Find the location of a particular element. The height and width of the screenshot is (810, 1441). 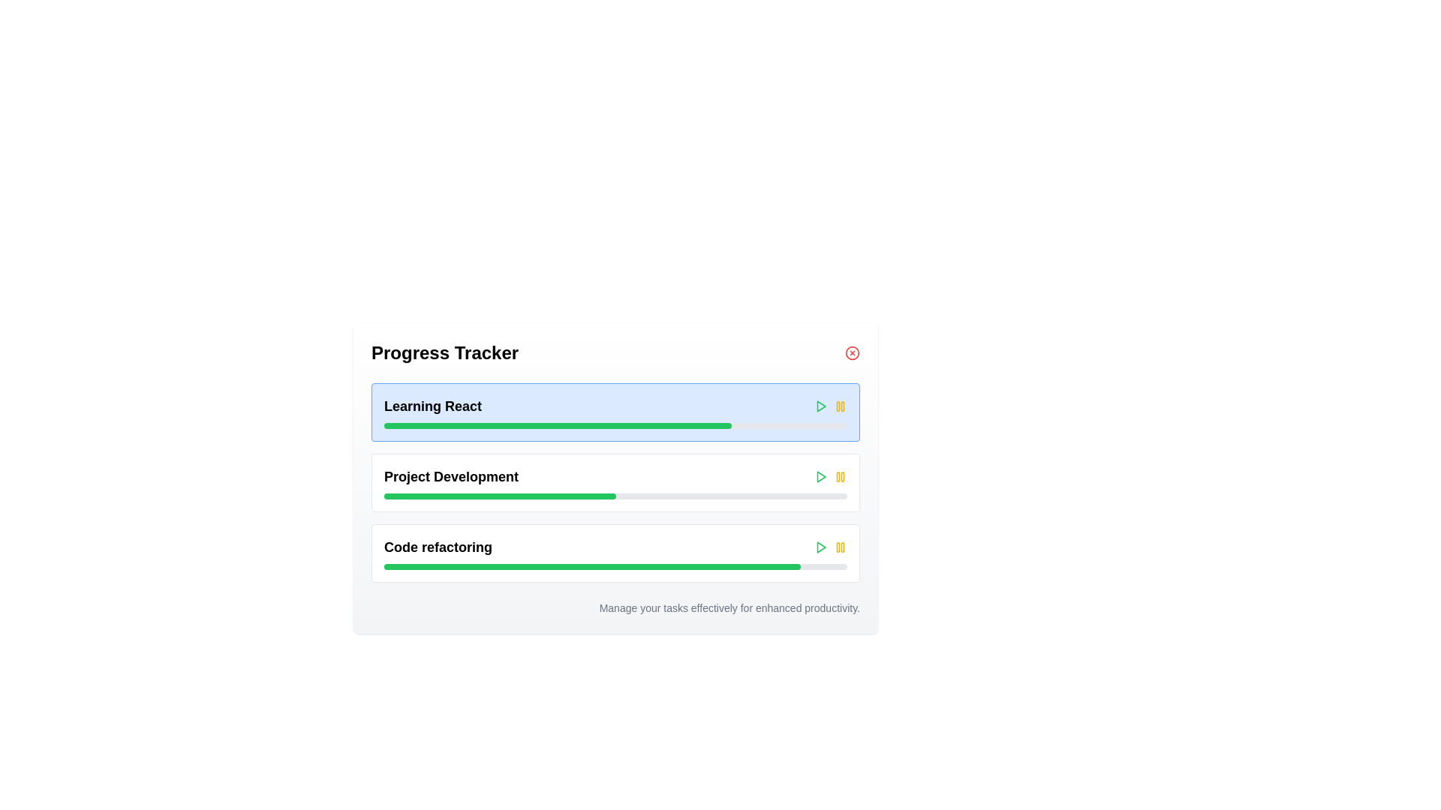

the horizontal progress bar located below the text 'Learning React', which has a gray background and a green-filled section indicating progress is located at coordinates (615, 425).